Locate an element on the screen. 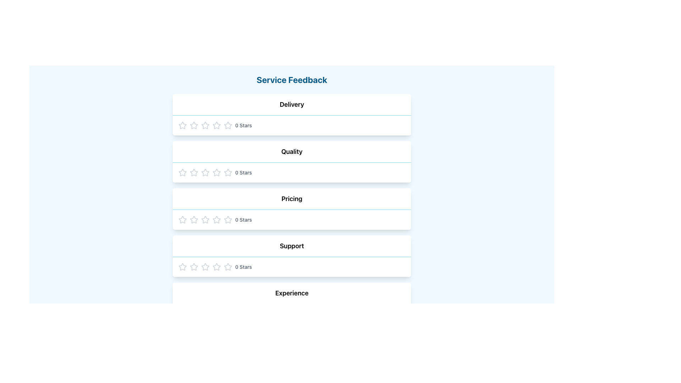 The image size is (681, 383). the third star-shaped rating button in the 'Delivery' feedback section to provide a rating is located at coordinates (228, 125).